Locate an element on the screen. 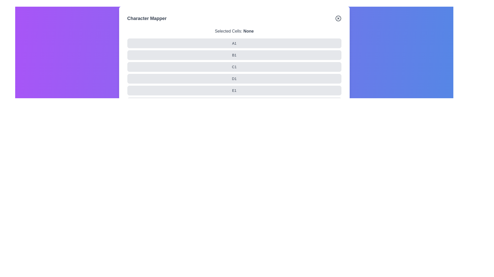 This screenshot has height=277, width=494. the cell labeled C1 in the grid is located at coordinates (127, 67).